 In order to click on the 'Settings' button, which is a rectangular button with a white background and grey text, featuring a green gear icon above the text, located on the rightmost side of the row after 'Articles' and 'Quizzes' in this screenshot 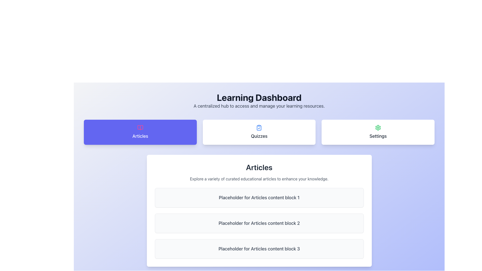, I will do `click(378, 132)`.